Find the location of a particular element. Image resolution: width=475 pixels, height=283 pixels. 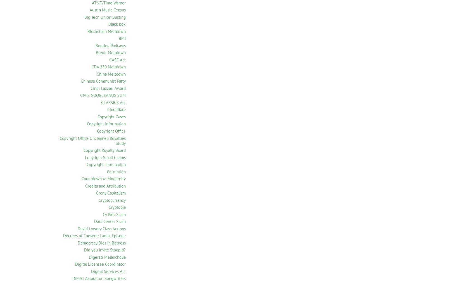

'BMI' is located at coordinates (122, 38).